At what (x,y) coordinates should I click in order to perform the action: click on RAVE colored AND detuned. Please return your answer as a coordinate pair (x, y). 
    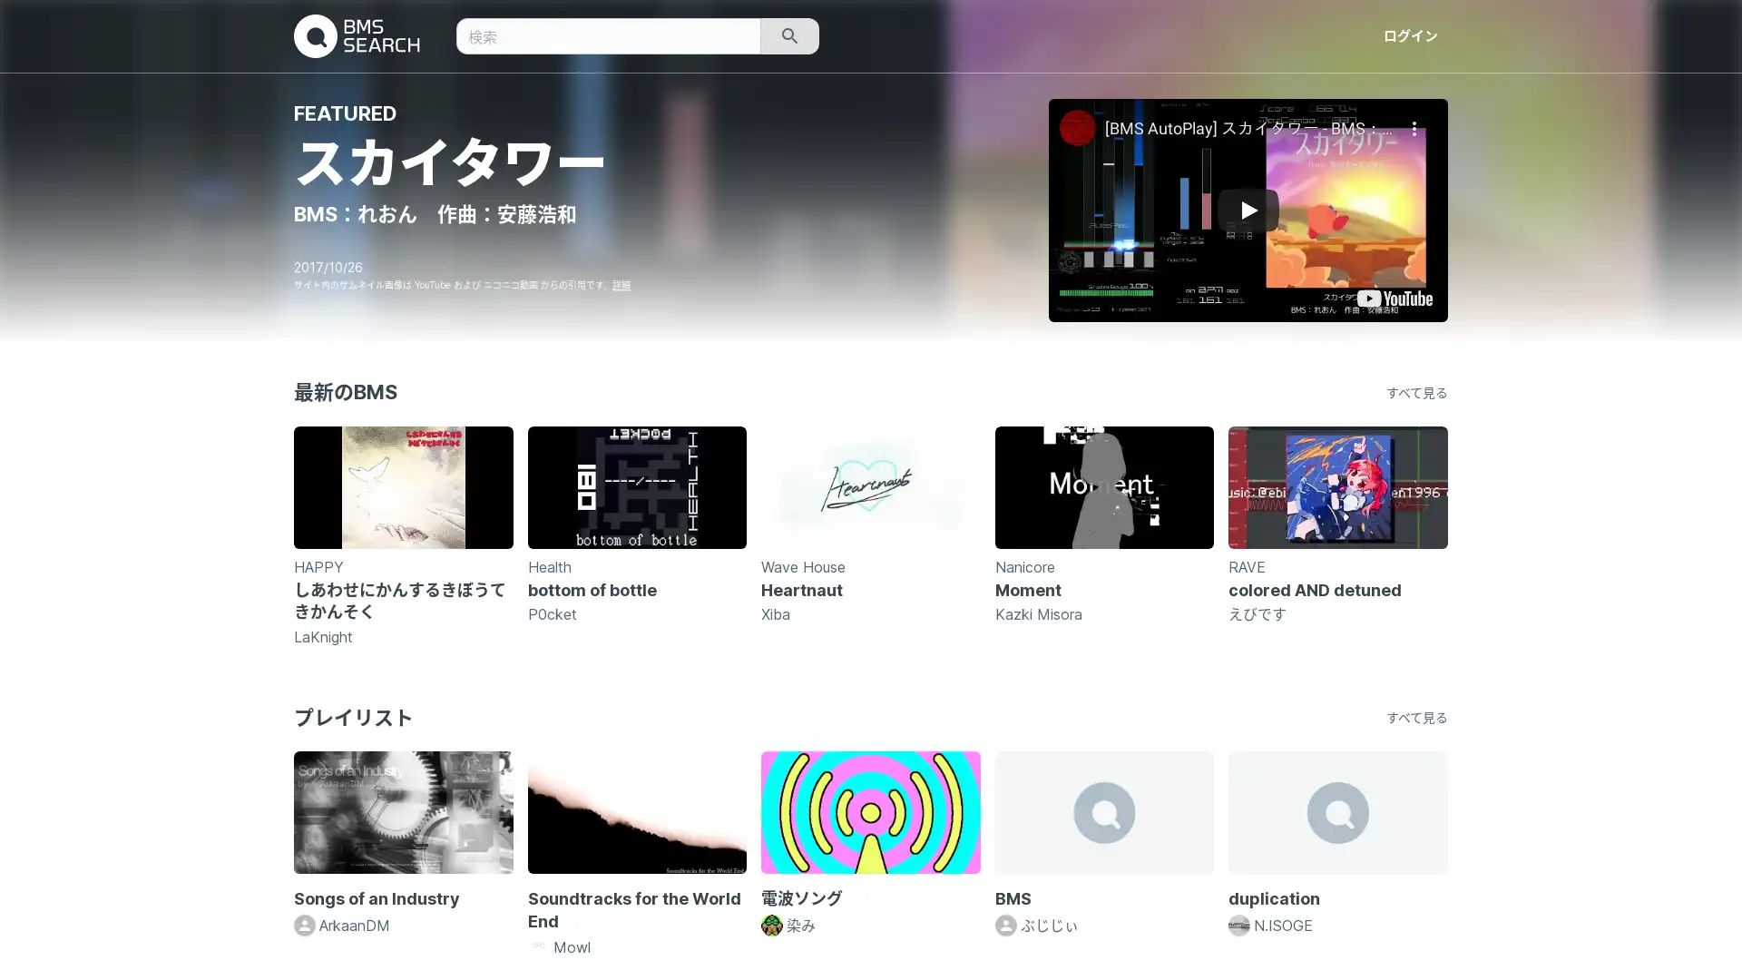
    Looking at the image, I should click on (1337, 534).